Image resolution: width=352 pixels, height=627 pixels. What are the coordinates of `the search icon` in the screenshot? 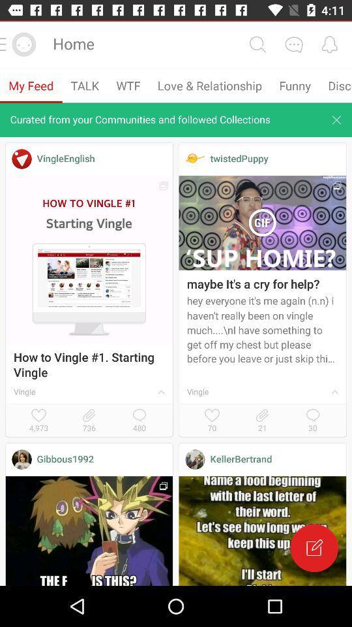 It's located at (257, 44).